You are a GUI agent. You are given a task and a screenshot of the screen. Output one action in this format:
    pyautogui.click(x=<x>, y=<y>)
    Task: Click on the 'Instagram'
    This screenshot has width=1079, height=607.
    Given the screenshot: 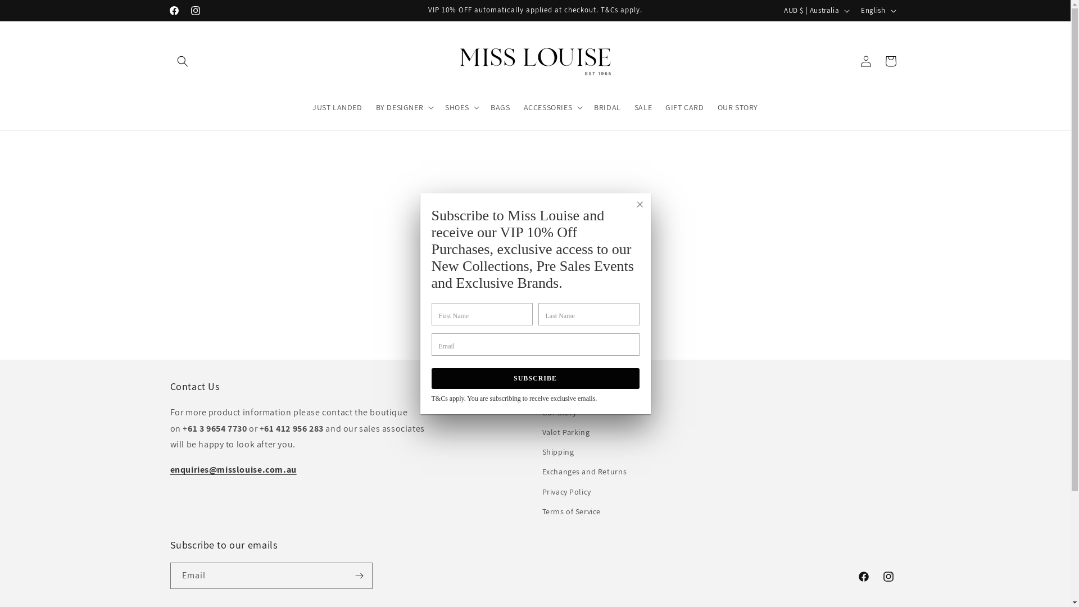 What is the action you would take?
    pyautogui.click(x=887, y=577)
    